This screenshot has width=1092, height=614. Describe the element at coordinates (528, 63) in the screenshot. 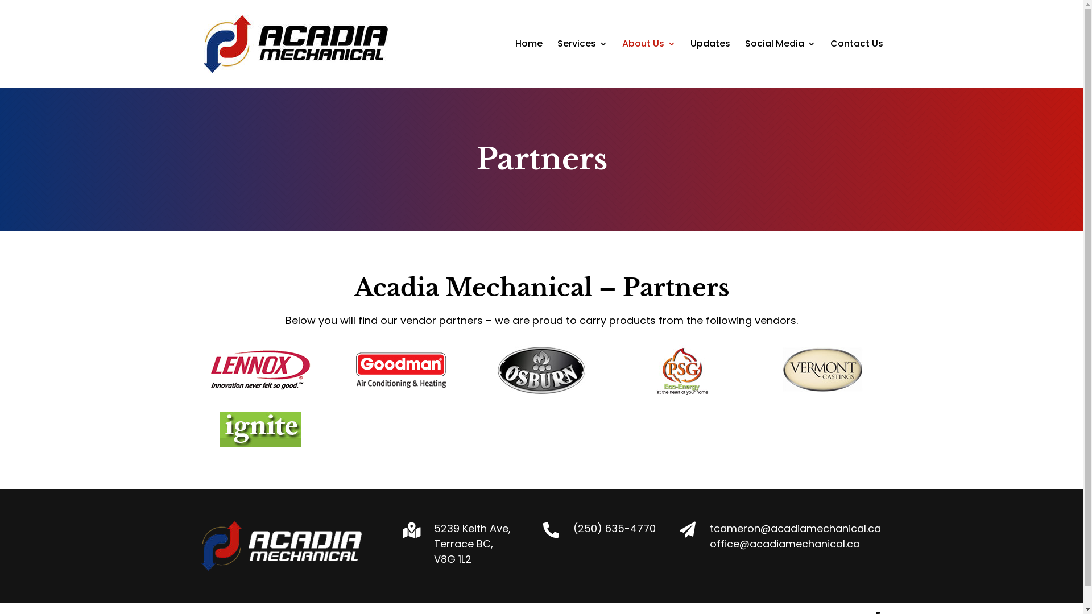

I see `'Home'` at that location.